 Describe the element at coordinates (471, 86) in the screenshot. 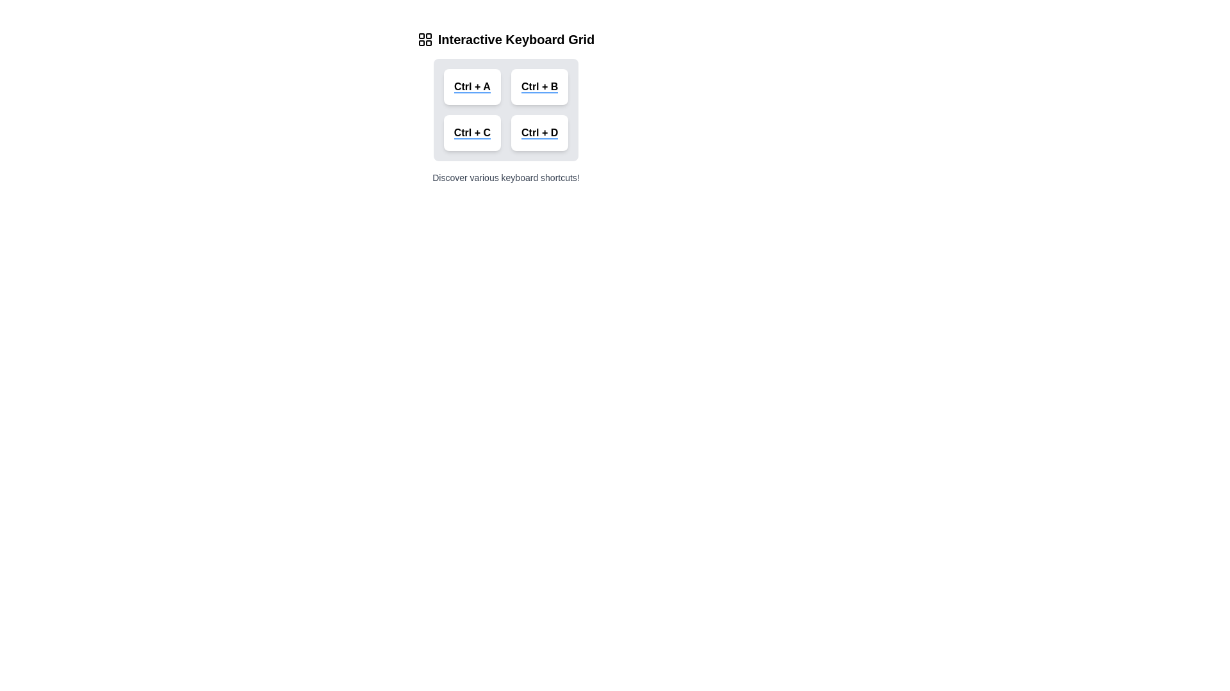

I see `displayed text of the label/button showing the keyboard shortcut 'Ctrl + A', located in the top-left corner of a 2x2 grid structure` at that location.